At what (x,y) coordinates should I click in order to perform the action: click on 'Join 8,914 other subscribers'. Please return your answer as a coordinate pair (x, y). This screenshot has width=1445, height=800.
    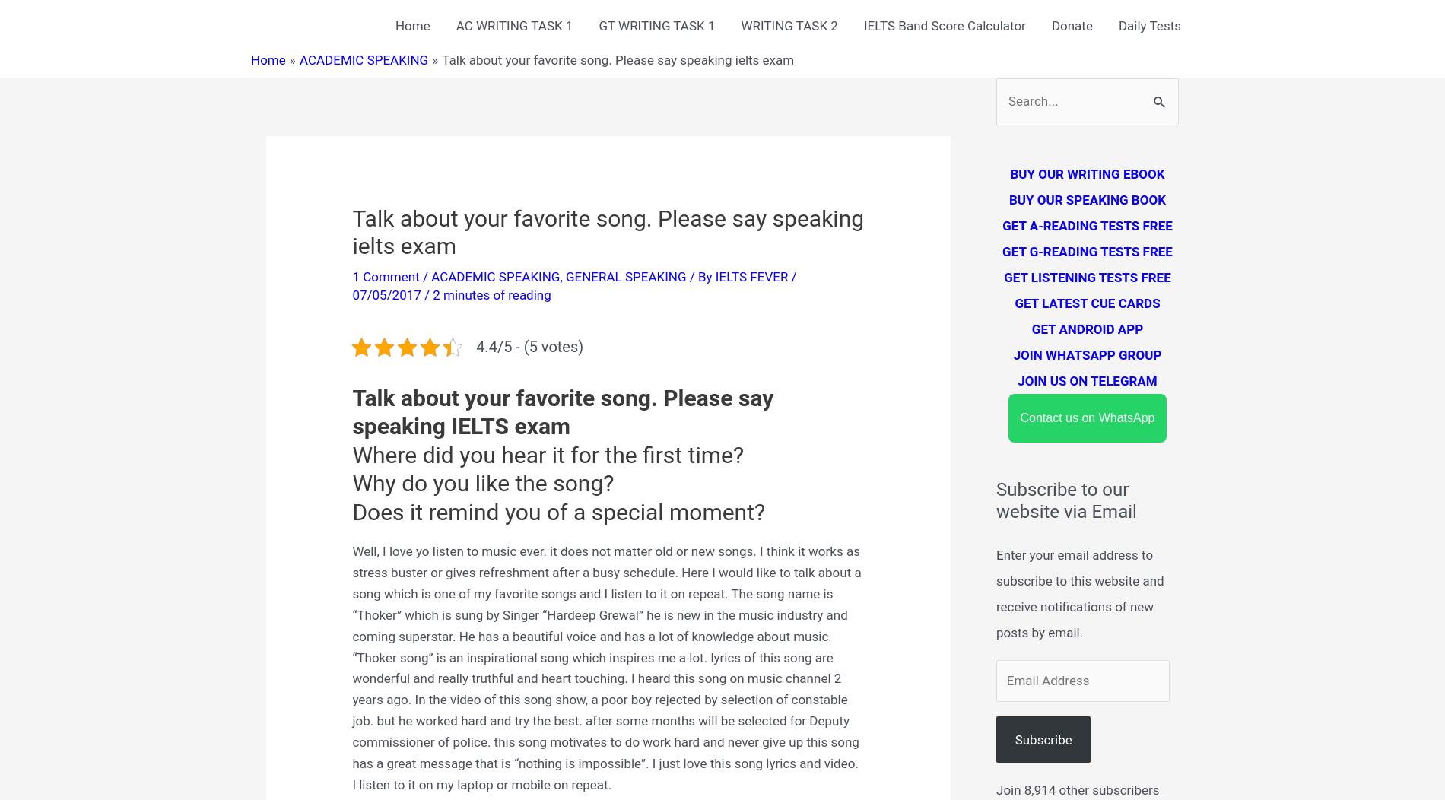
    Looking at the image, I should click on (996, 789).